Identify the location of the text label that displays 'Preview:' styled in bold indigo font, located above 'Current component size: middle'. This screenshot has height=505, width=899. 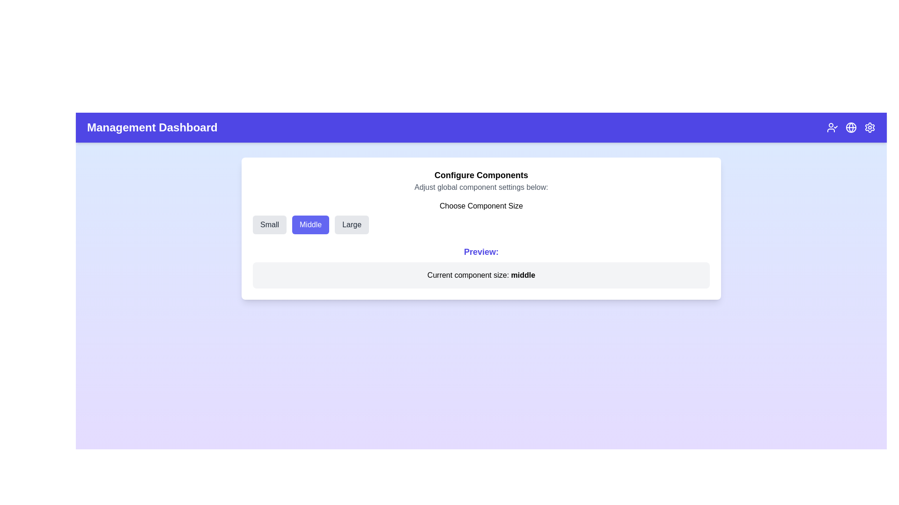
(481, 252).